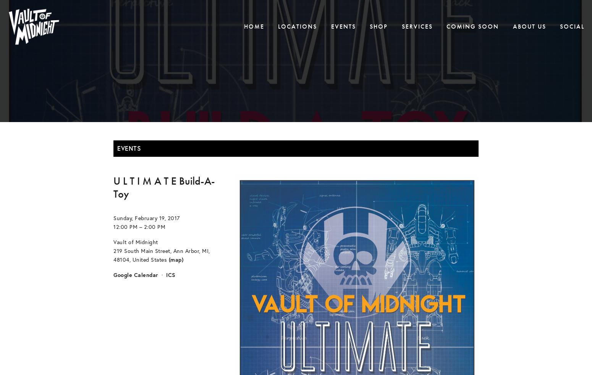  I want to click on '219 South Main Street', so click(141, 250).